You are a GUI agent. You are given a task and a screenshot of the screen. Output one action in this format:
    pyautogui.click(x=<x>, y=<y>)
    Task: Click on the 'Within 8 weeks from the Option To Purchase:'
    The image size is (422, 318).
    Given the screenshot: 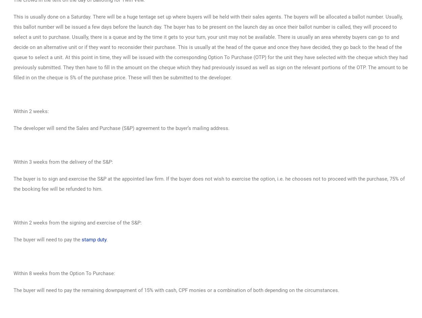 What is the action you would take?
    pyautogui.click(x=64, y=272)
    